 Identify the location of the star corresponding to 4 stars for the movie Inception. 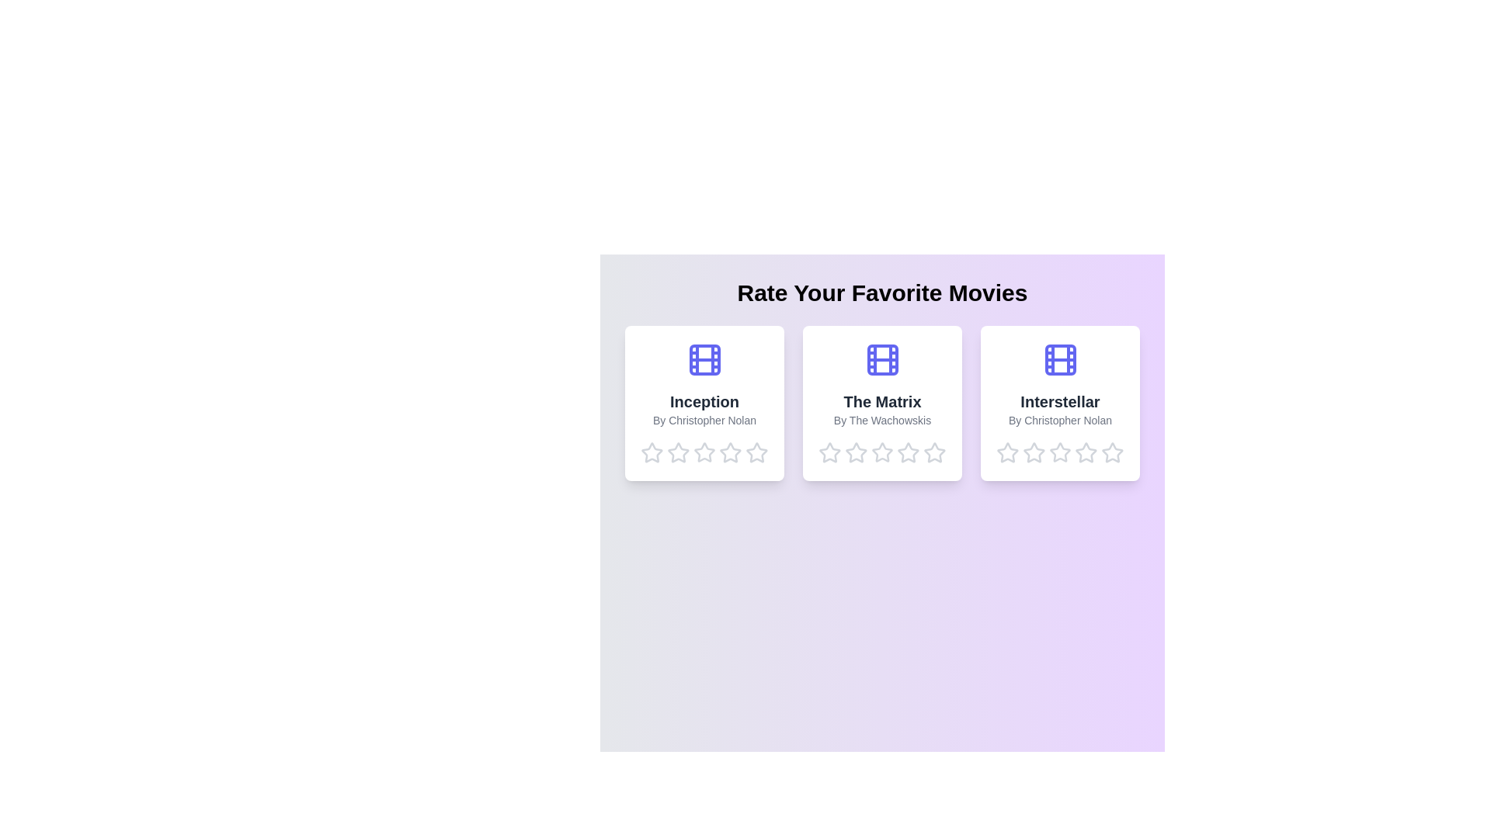
(730, 452).